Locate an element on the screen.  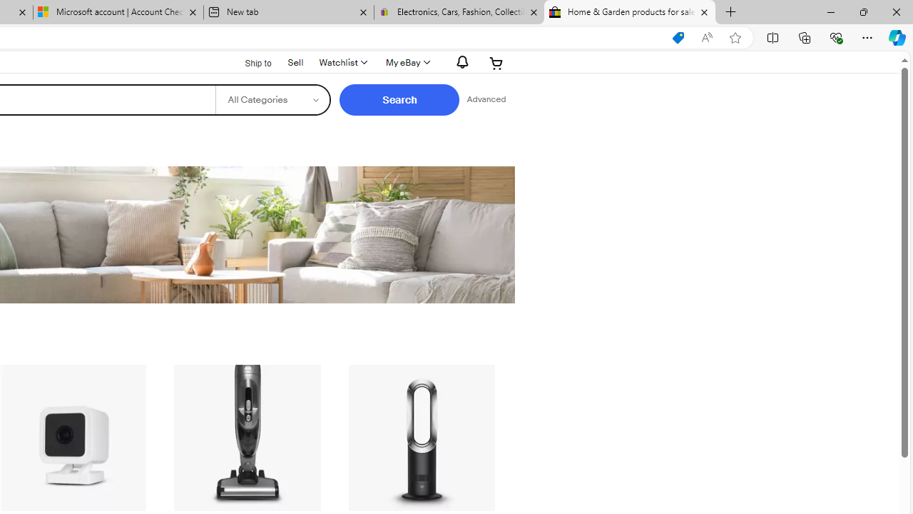
'Search' is located at coordinates (399, 99).